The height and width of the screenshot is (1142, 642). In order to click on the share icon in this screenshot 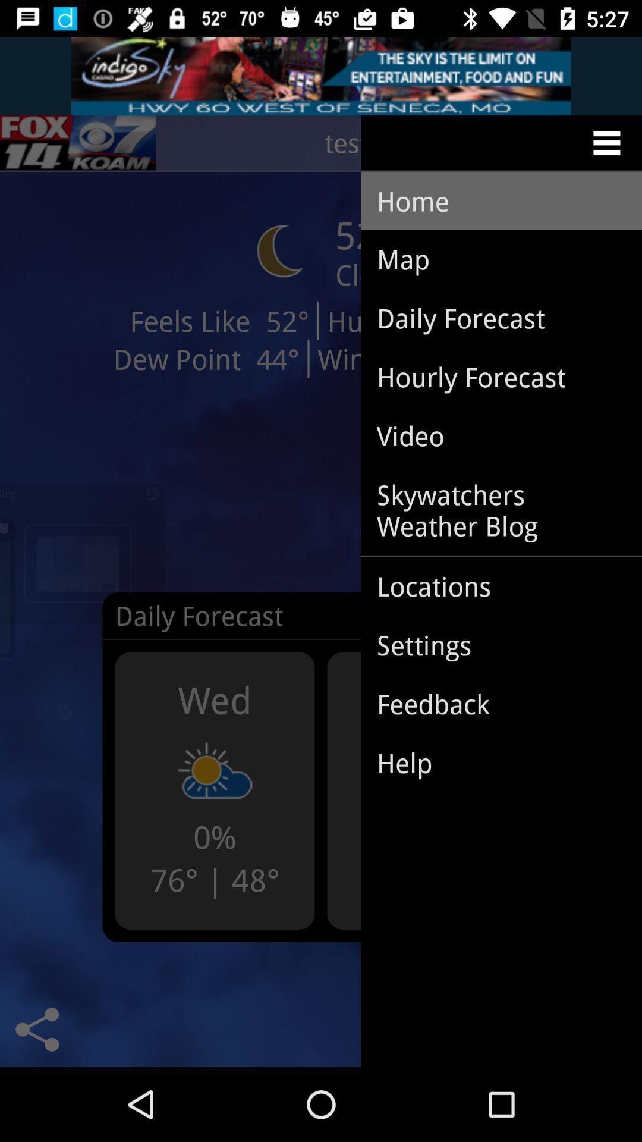, I will do `click(36, 1029)`.